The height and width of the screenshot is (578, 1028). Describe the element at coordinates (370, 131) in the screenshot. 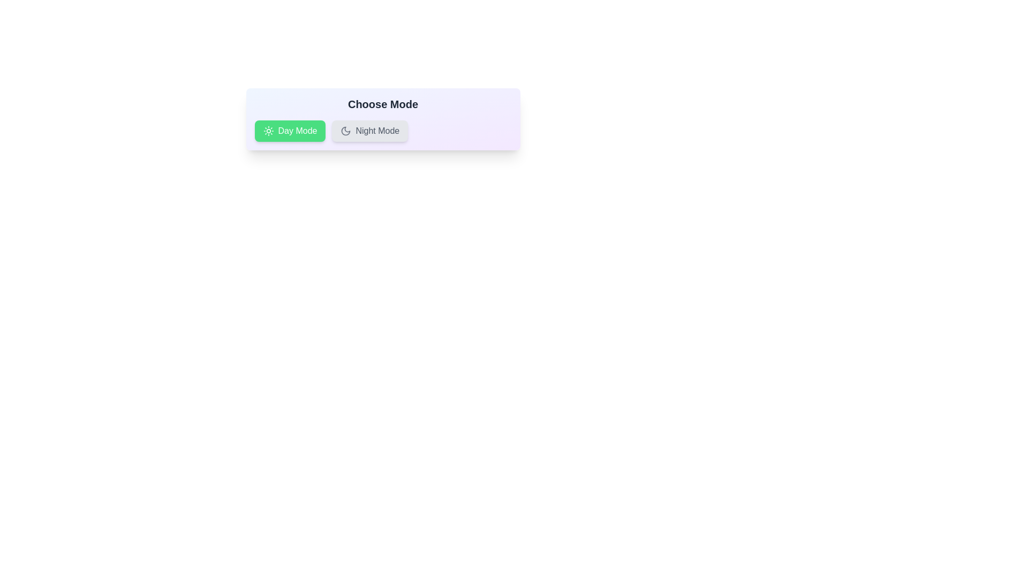

I see `the center of the 'Night Mode' chip to toggle its state` at that location.